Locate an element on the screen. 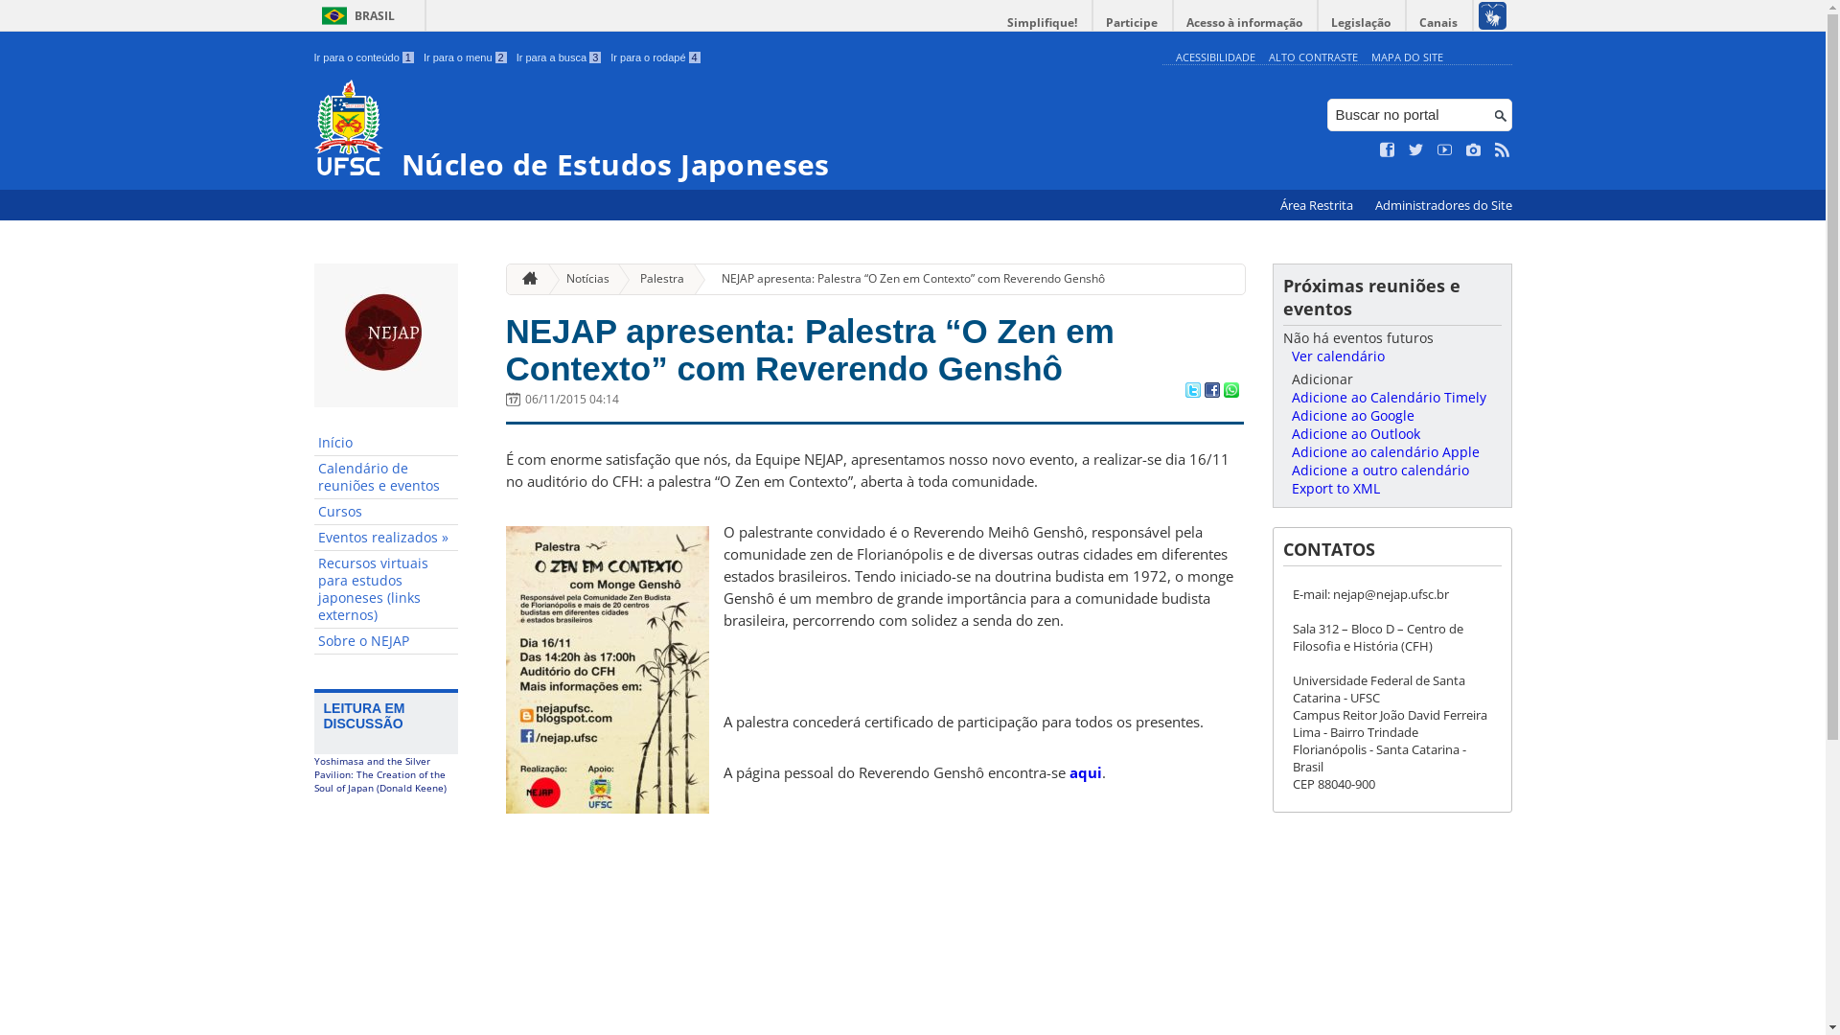 The width and height of the screenshot is (1840, 1035). 'Palestra' is located at coordinates (654, 279).